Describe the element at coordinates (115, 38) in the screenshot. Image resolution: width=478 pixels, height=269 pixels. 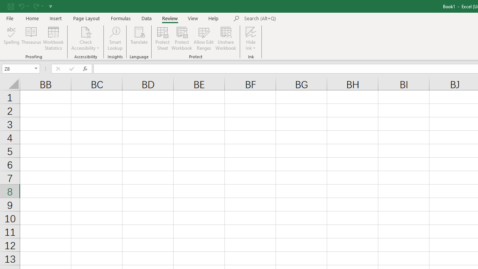
I see `'Smart Lookup'` at that location.